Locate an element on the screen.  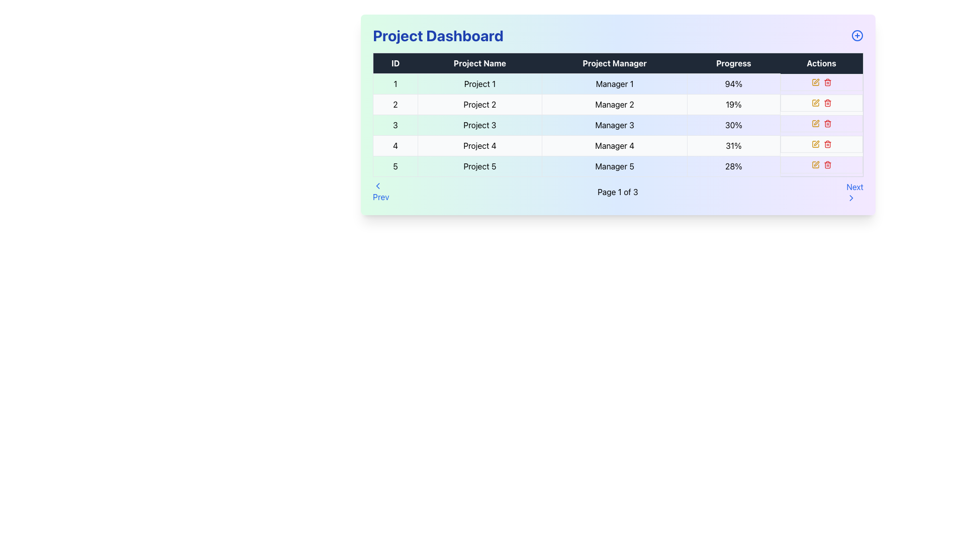
the red trash bin icon button located in the last cell of the 'Actions' column for Project 1 is located at coordinates (827, 81).